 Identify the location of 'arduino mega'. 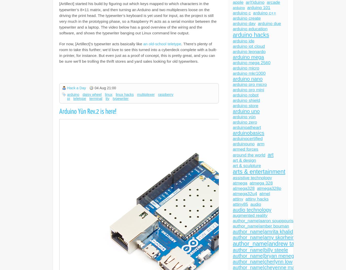
(248, 57).